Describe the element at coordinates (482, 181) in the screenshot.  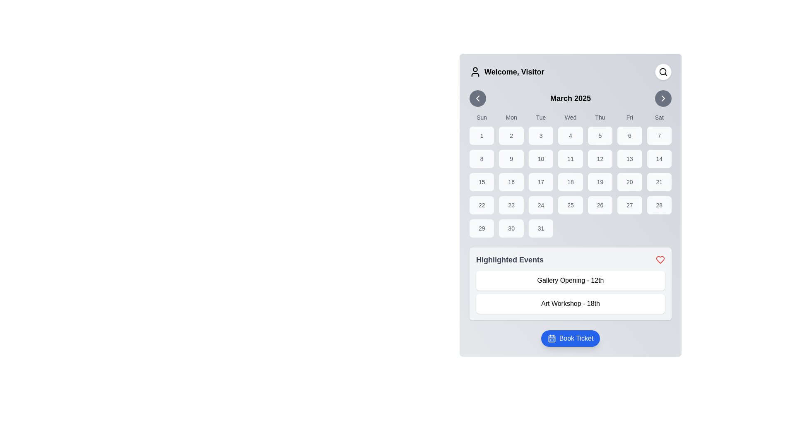
I see `the calendar day cell representing the 15th of March 2025 located in the fourth row and first column under the 'Sun' header` at that location.